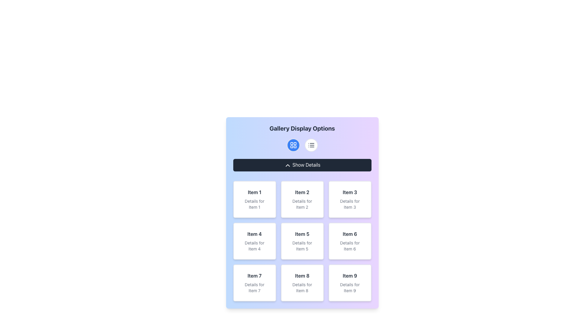 The width and height of the screenshot is (572, 322). I want to click on the text label that reads 'Details for Item 5', which is styled in light gray and positioned below 'Item 5' in the fifth card of a 3x3 grid, so click(302, 246).